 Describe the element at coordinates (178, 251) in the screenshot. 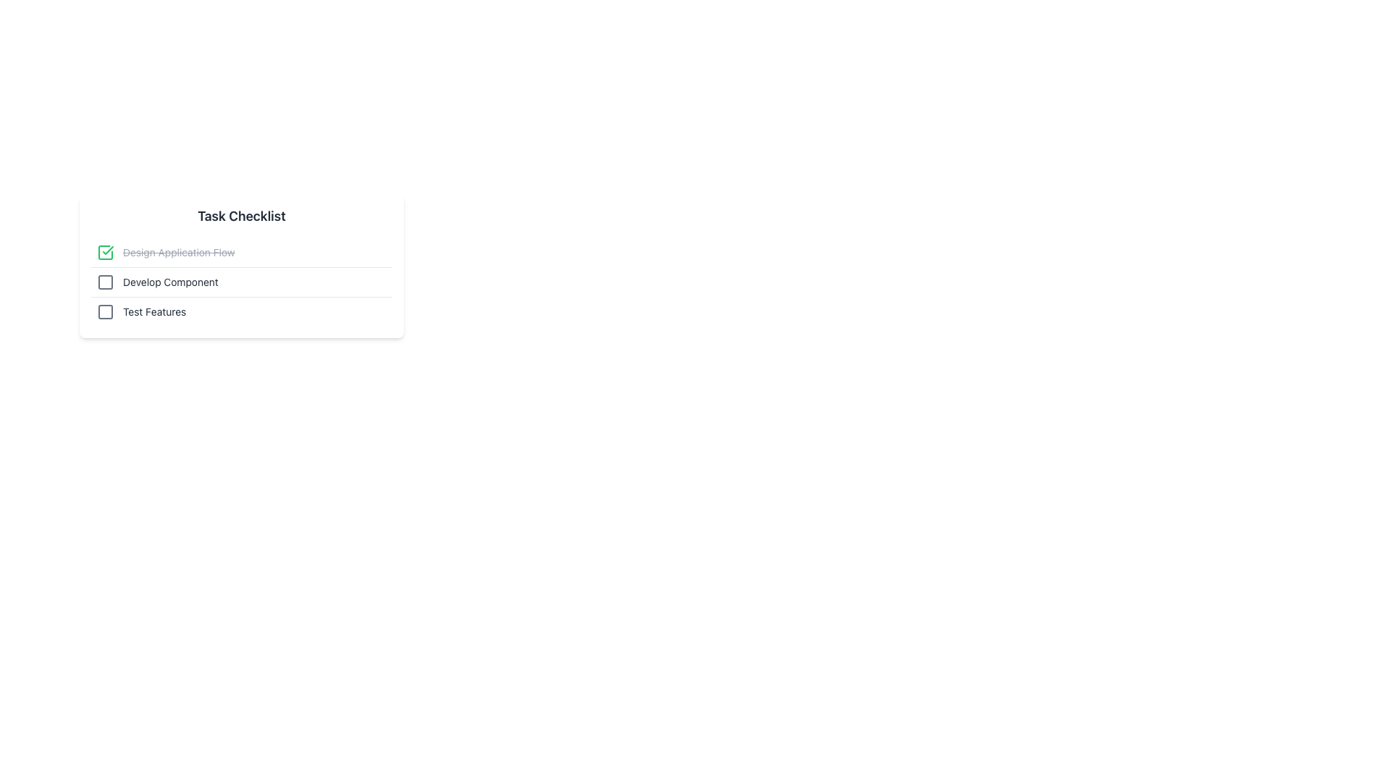

I see `the completed task label in the checklist, which is the first item in the vertical list and has a strikethrough style indicating completion` at that location.